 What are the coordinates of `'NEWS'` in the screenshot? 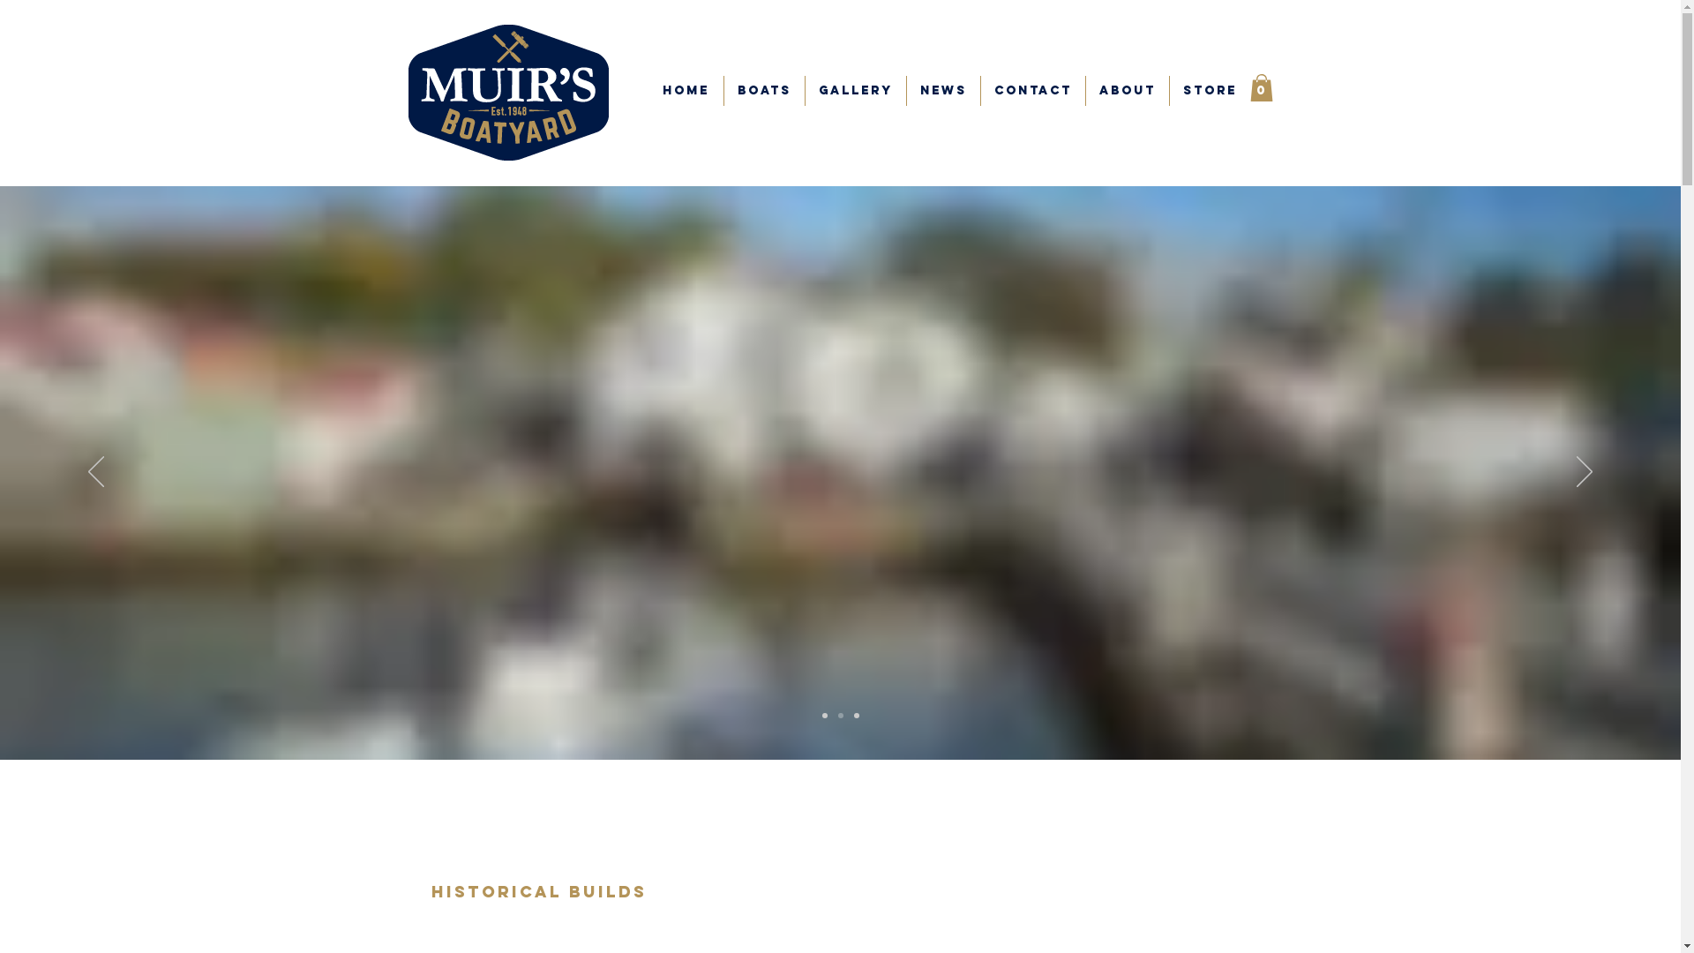 It's located at (942, 91).